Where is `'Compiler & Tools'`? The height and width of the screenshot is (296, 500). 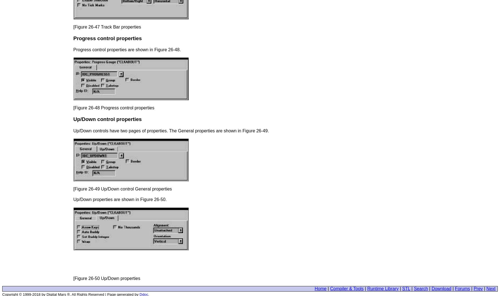 'Compiler & Tools' is located at coordinates (347, 289).